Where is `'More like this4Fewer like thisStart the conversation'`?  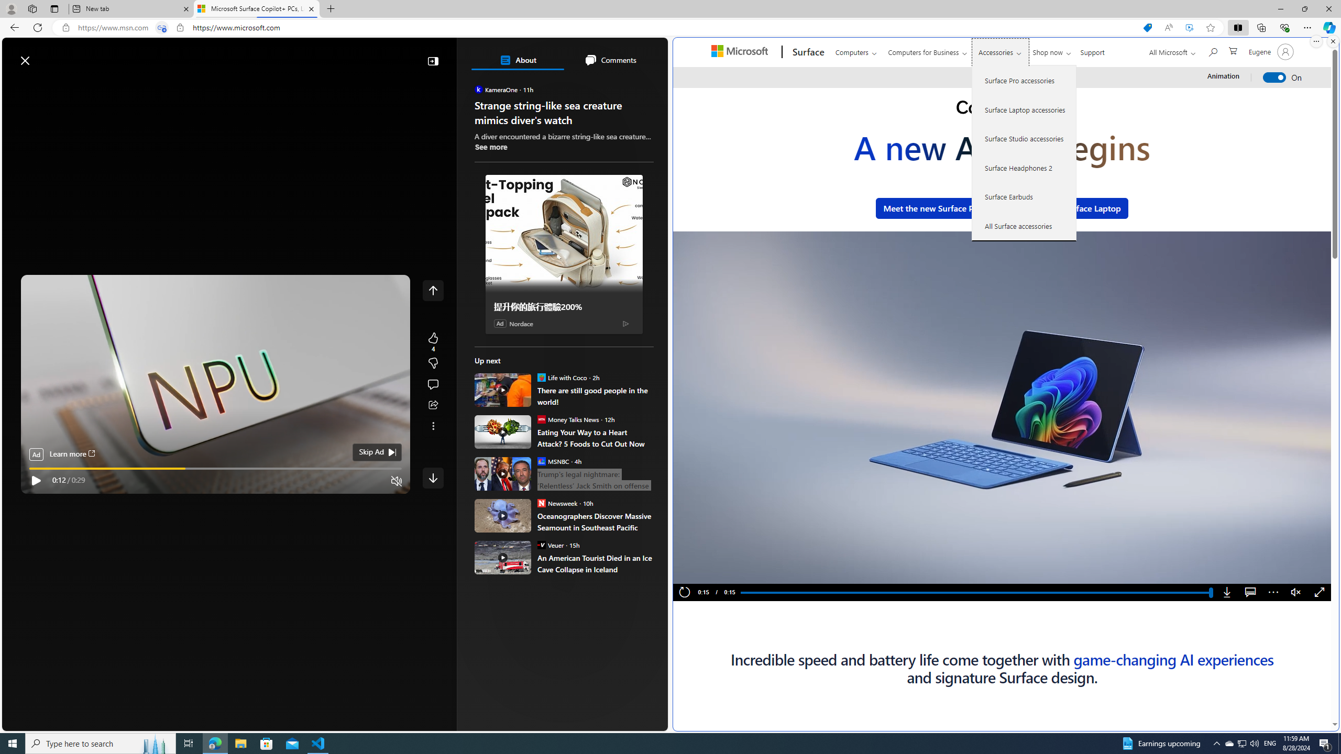
'More like this4Fewer like thisStart the conversation' is located at coordinates (433, 363).